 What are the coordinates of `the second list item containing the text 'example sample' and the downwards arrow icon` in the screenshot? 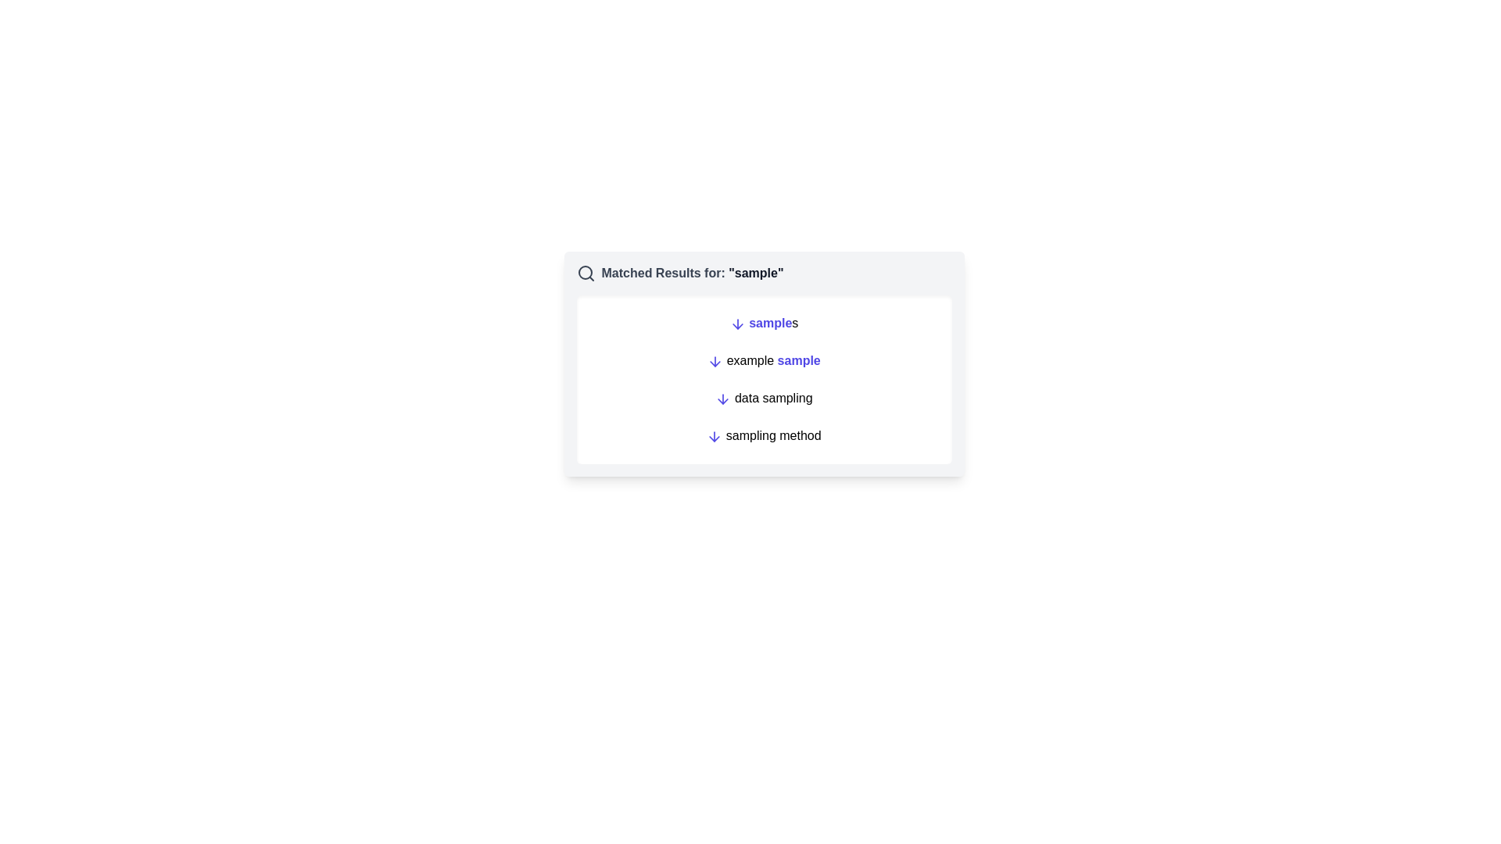 It's located at (764, 361).